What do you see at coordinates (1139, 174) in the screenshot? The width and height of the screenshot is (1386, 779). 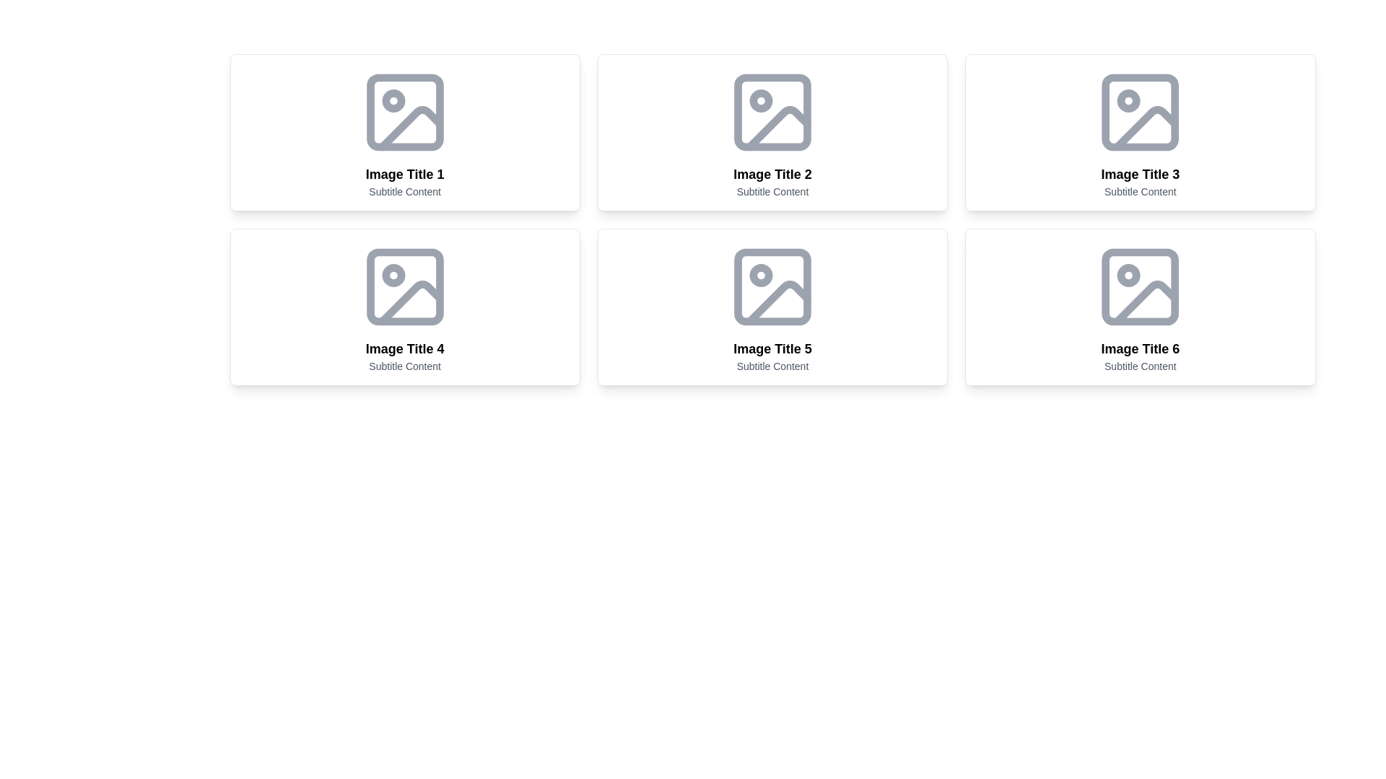 I see `the text label located centrally below the image placeholder in the top-right card of the grid layout` at bounding box center [1139, 174].